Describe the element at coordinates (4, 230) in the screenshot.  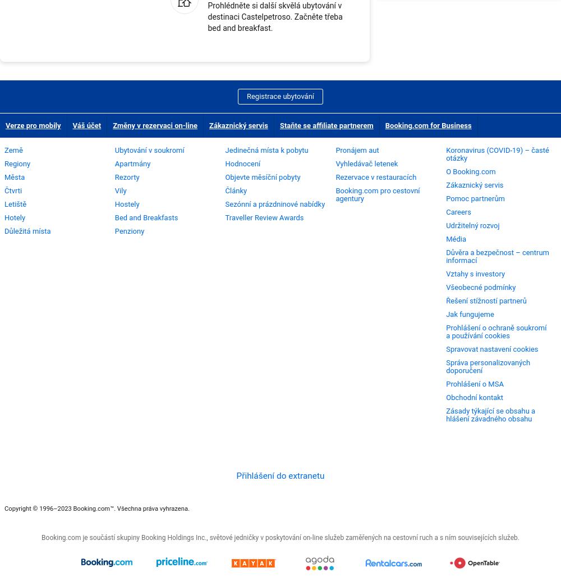
I see `'Důležitá místa'` at that location.